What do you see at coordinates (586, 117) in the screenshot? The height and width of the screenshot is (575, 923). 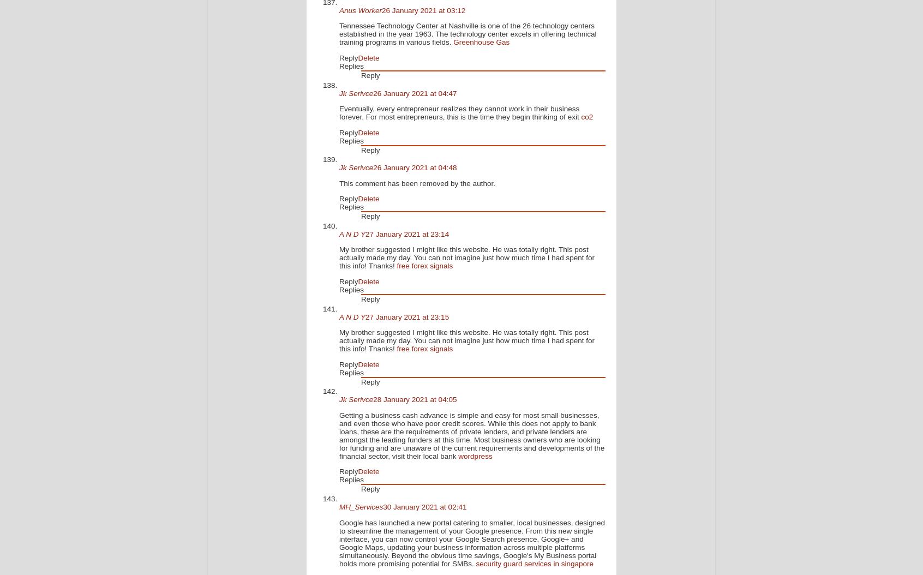 I see `'co2'` at bounding box center [586, 117].